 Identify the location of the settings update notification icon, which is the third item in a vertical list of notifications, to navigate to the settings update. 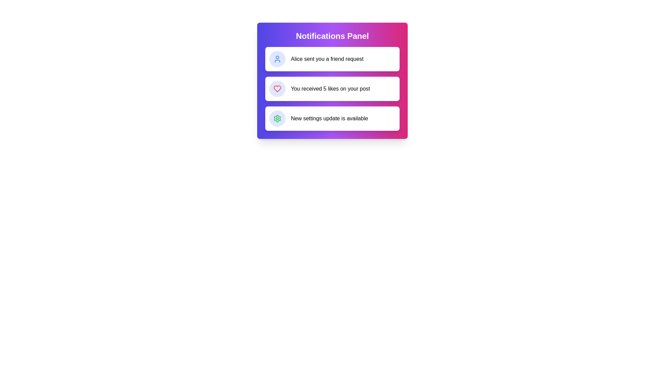
(277, 118).